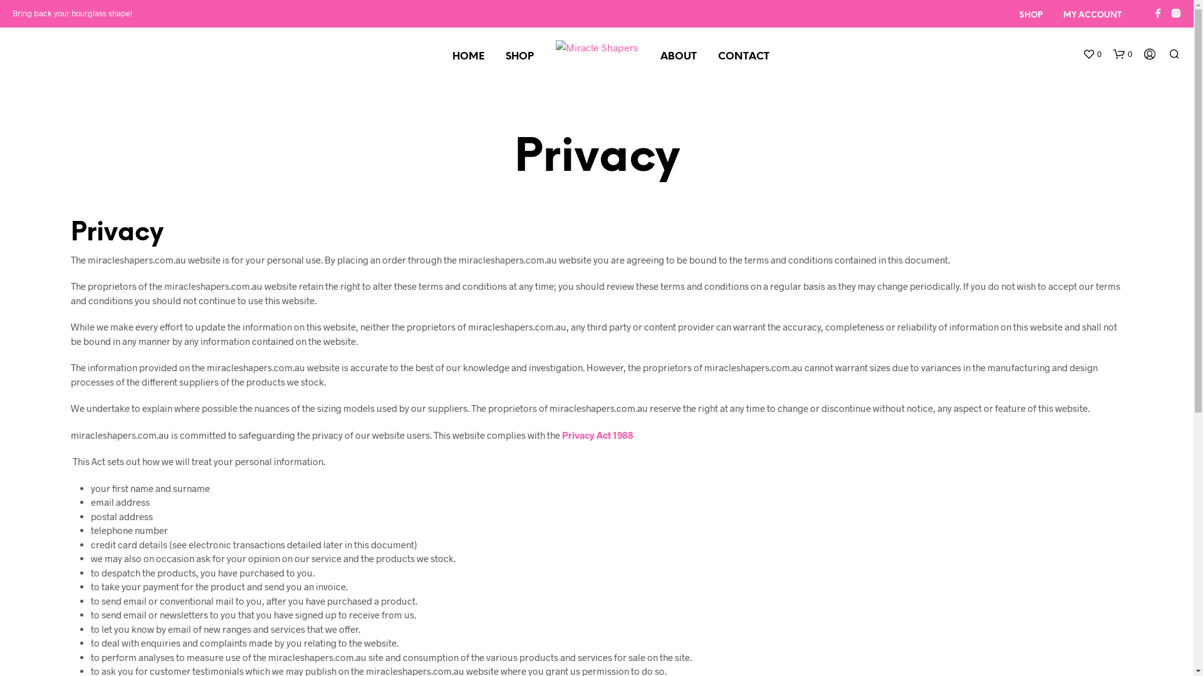 The image size is (1203, 676). Describe the element at coordinates (1122, 54) in the screenshot. I see `'0'` at that location.